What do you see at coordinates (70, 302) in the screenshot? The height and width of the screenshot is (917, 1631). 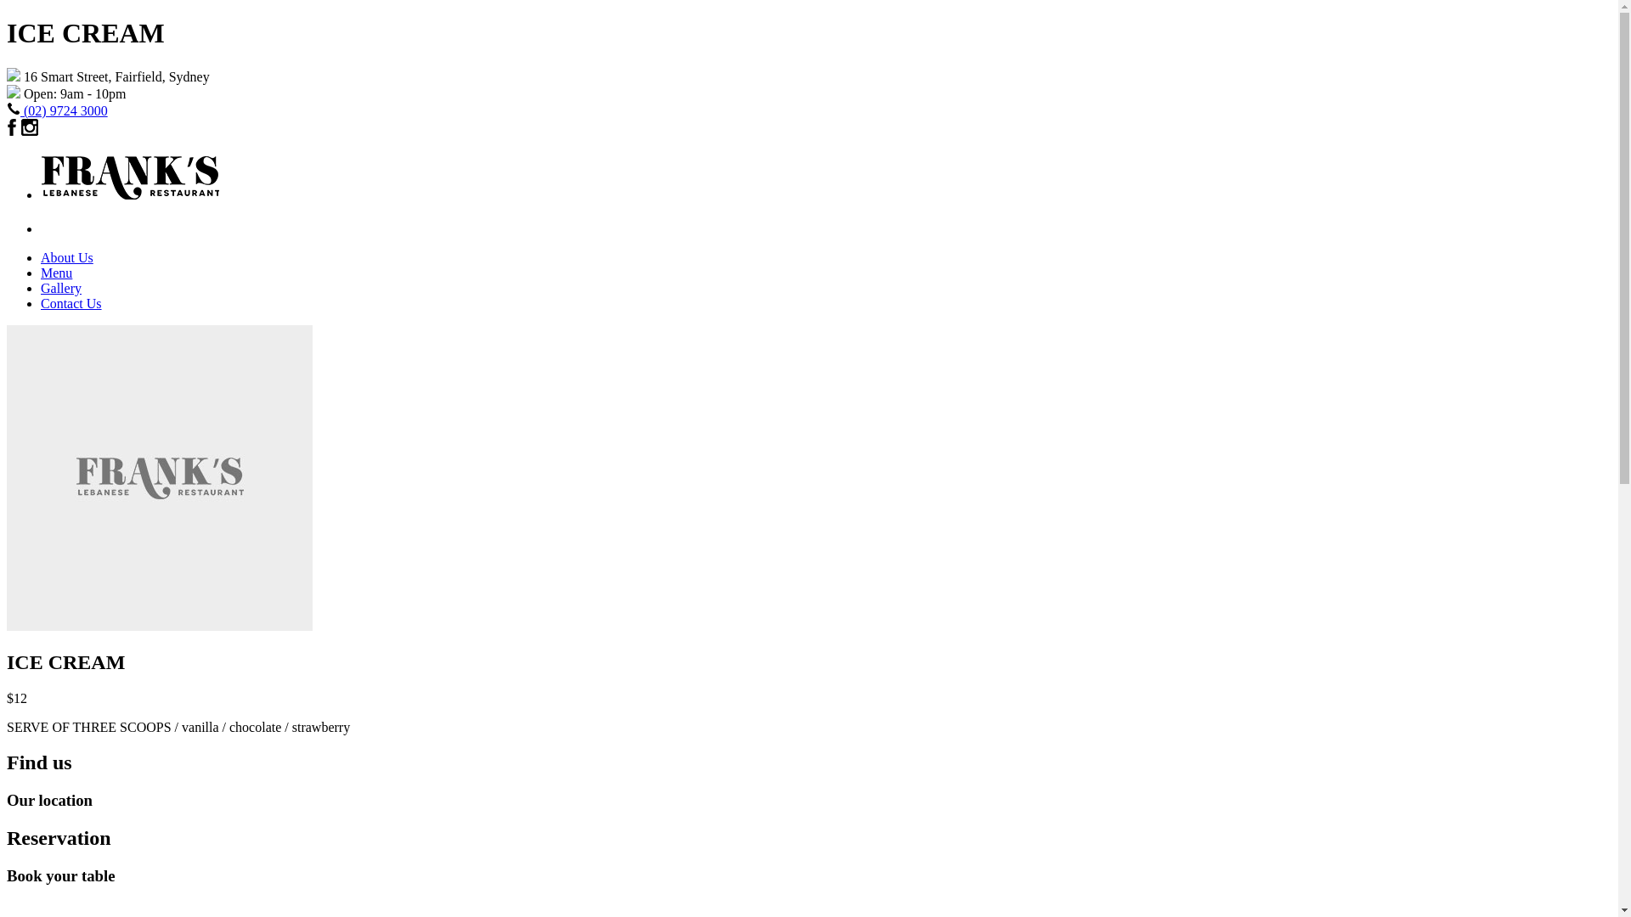 I see `'Contact Us'` at bounding box center [70, 302].